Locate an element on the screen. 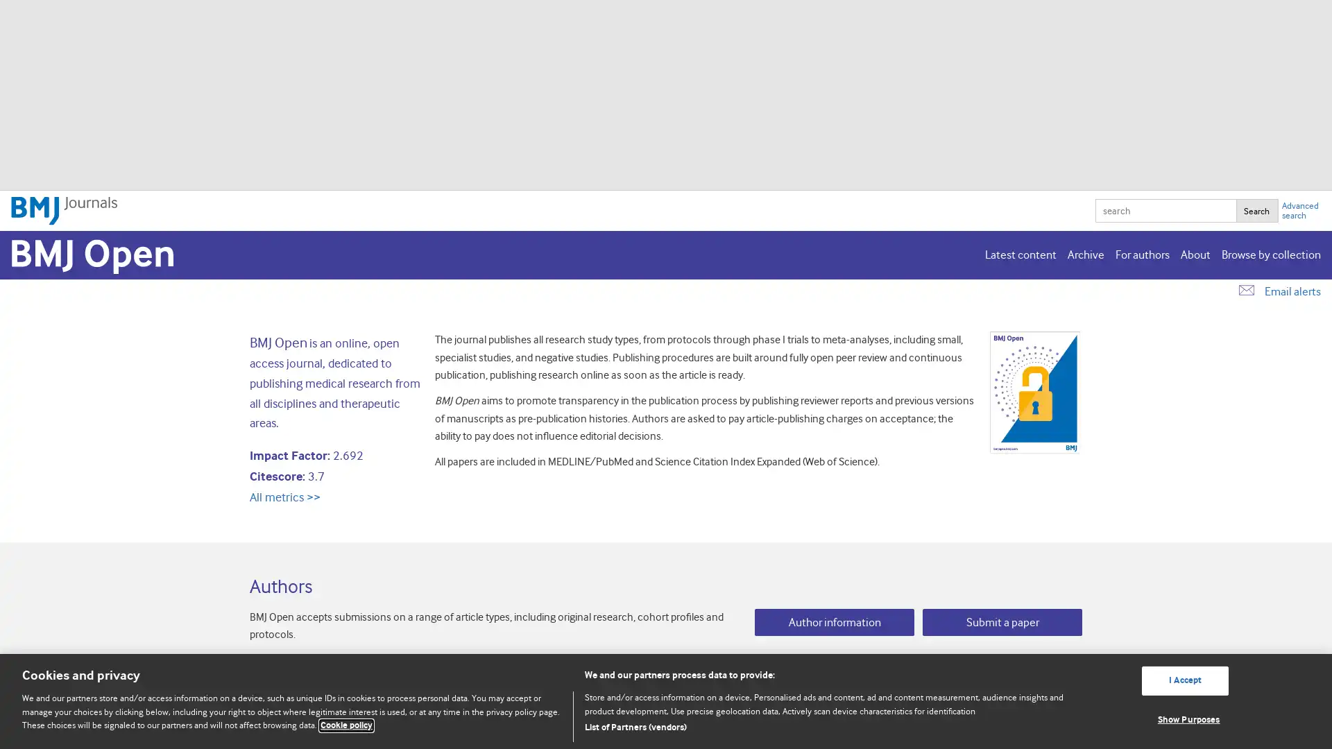 This screenshot has height=749, width=1332. Show Purposes is located at coordinates (1184, 718).